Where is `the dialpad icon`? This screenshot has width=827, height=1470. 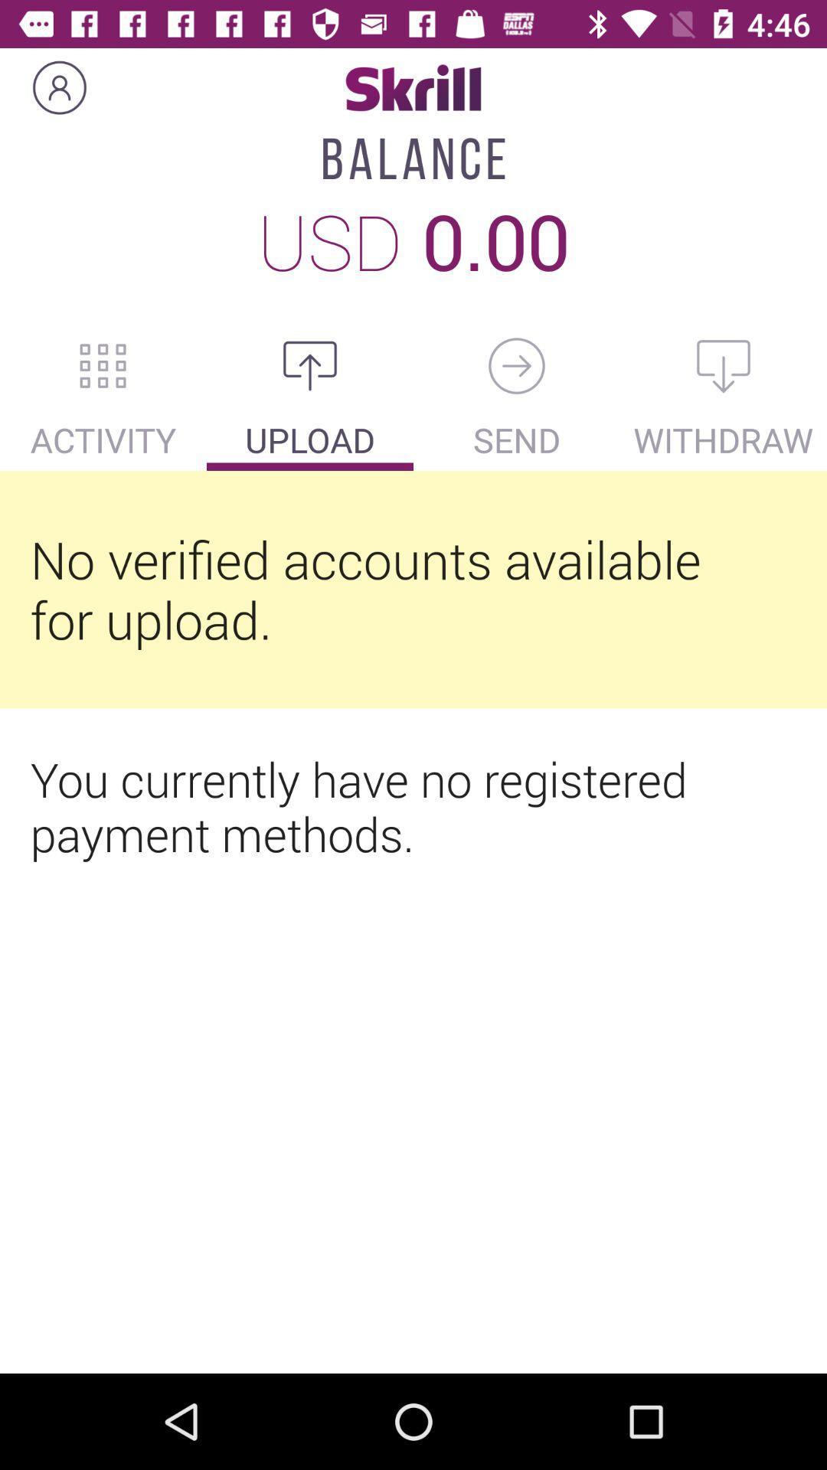 the dialpad icon is located at coordinates (103, 365).